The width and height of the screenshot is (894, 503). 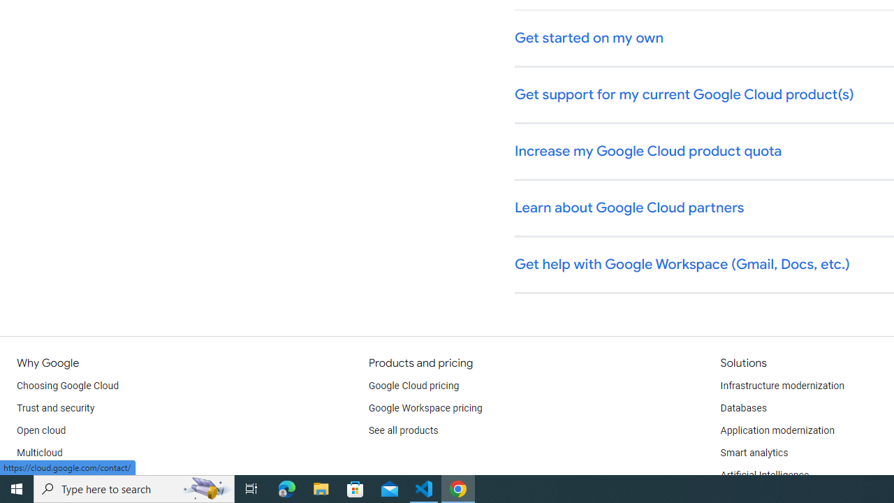 What do you see at coordinates (782, 386) in the screenshot?
I see `'Infrastructure modernization'` at bounding box center [782, 386].